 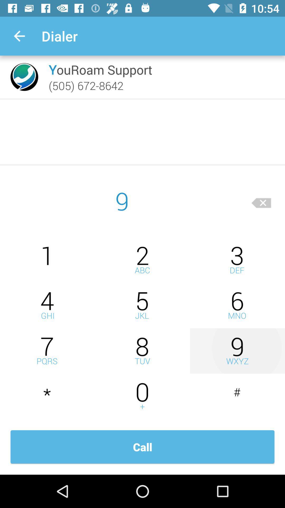 What do you see at coordinates (261, 201) in the screenshot?
I see `delete previous character` at bounding box center [261, 201].